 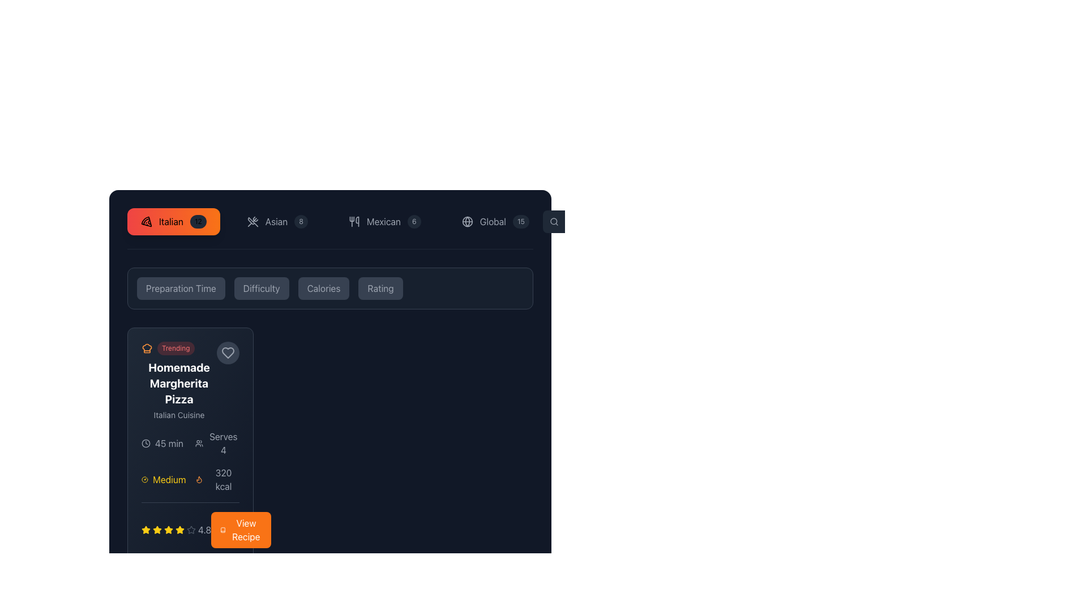 What do you see at coordinates (146, 348) in the screenshot?
I see `the small chef hat icon with an orange outline located beside the 'Trending' label` at bounding box center [146, 348].